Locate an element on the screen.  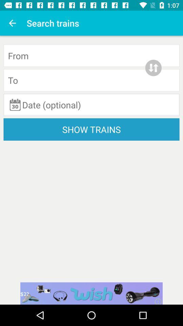
link to advertisement link is located at coordinates (91, 293).